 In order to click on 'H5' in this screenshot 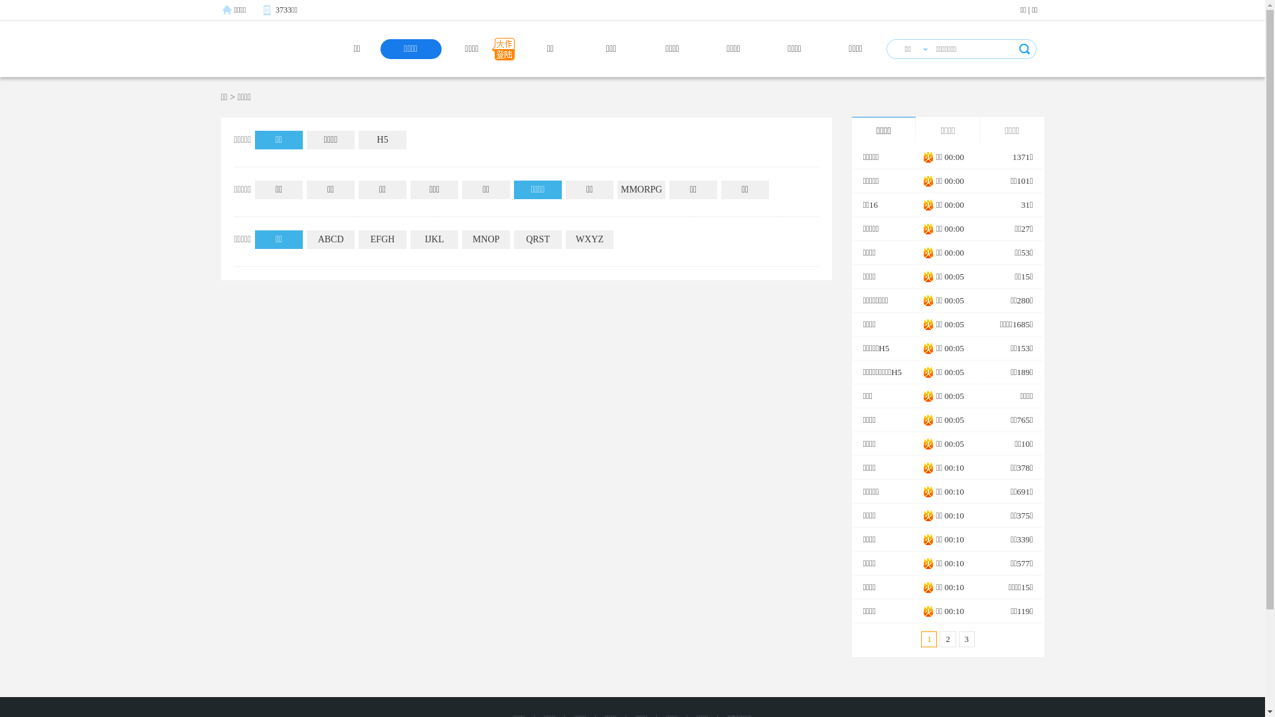, I will do `click(382, 140)`.